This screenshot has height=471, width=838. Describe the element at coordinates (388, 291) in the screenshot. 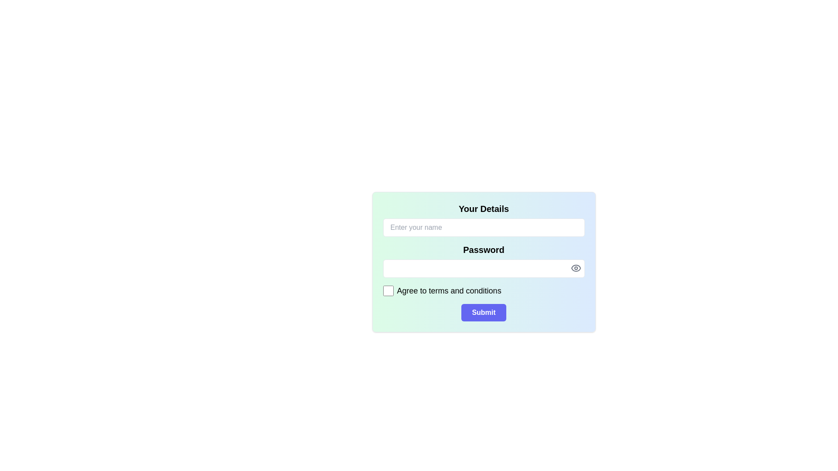

I see `the checkbox that allows users to agree to terms and conditions, positioned on the left side of the label within the form layout` at that location.